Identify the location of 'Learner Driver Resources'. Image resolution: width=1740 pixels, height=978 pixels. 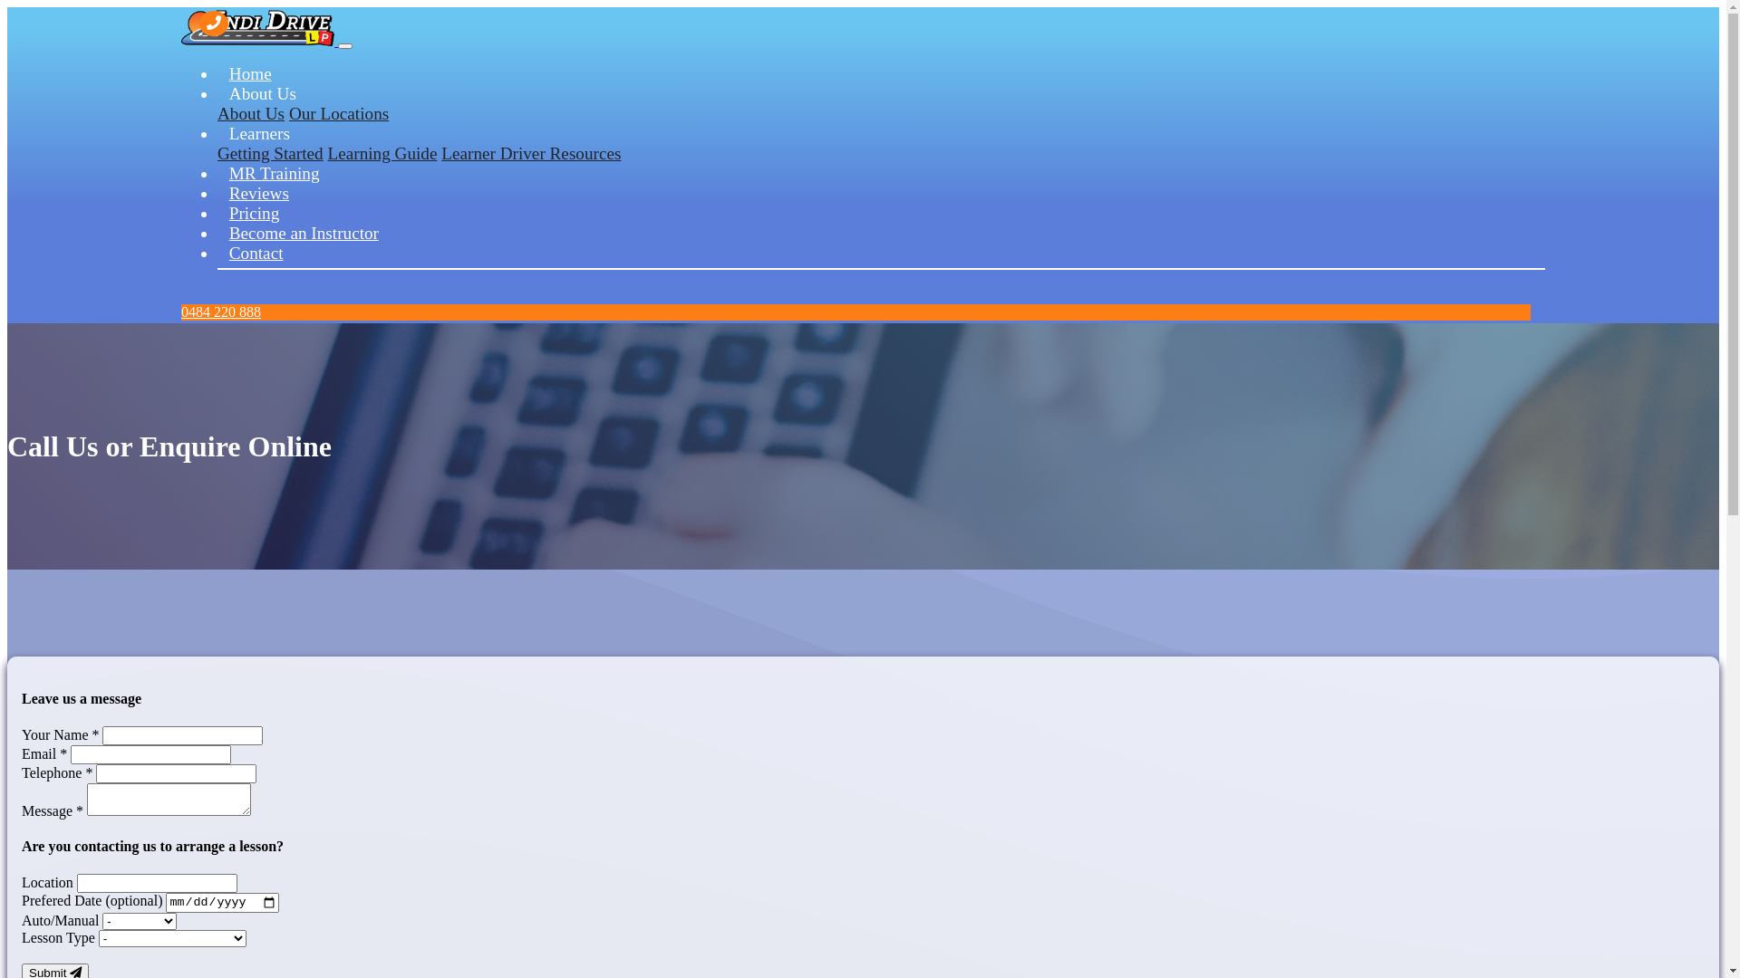
(440, 152).